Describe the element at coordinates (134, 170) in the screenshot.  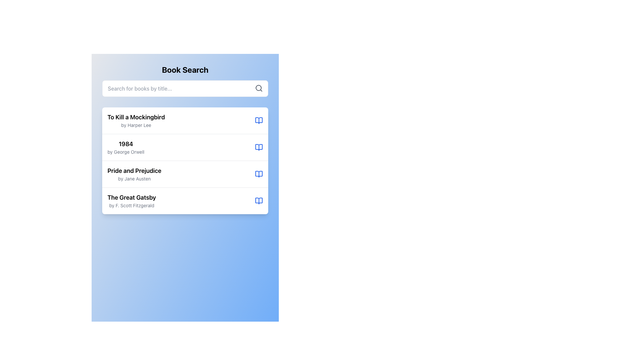
I see `the header text of the book entry which specifies the title, located in the third book entry's list` at that location.